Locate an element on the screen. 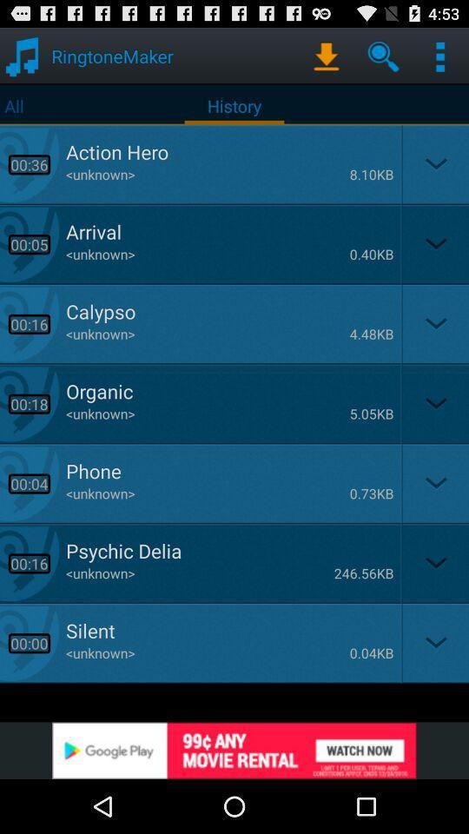 The height and width of the screenshot is (834, 469). advertisement portion is located at coordinates (234, 750).